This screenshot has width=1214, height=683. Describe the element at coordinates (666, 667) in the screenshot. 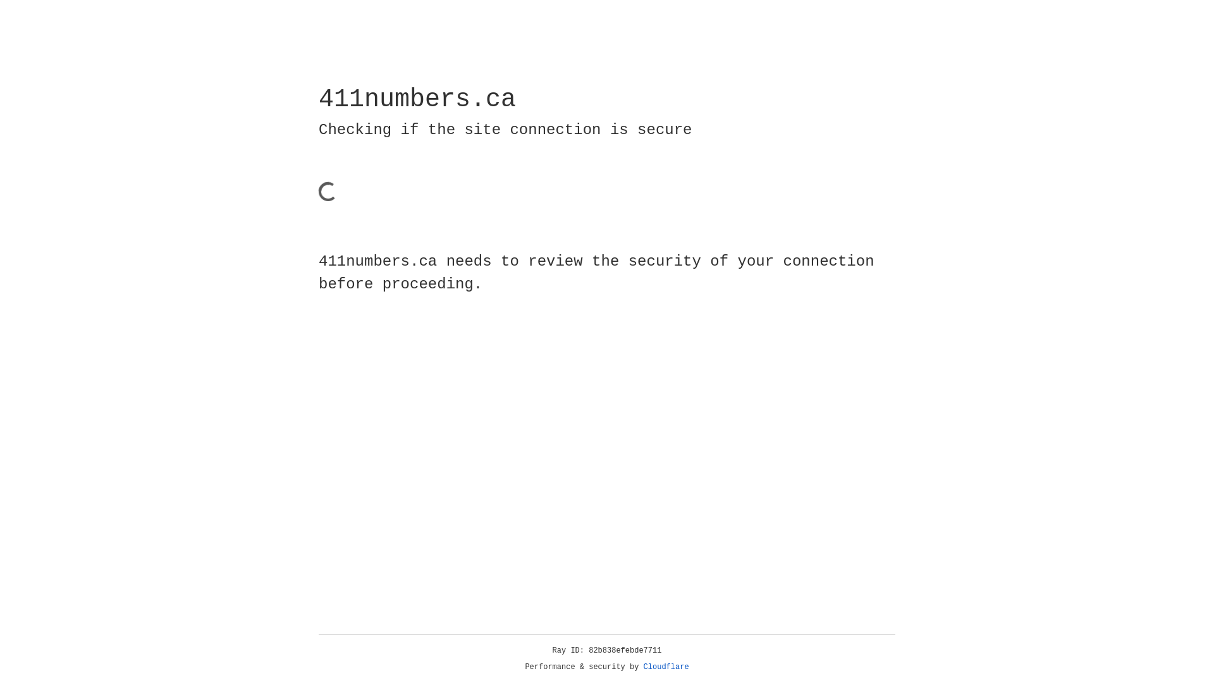

I see `'Cloudflare'` at that location.